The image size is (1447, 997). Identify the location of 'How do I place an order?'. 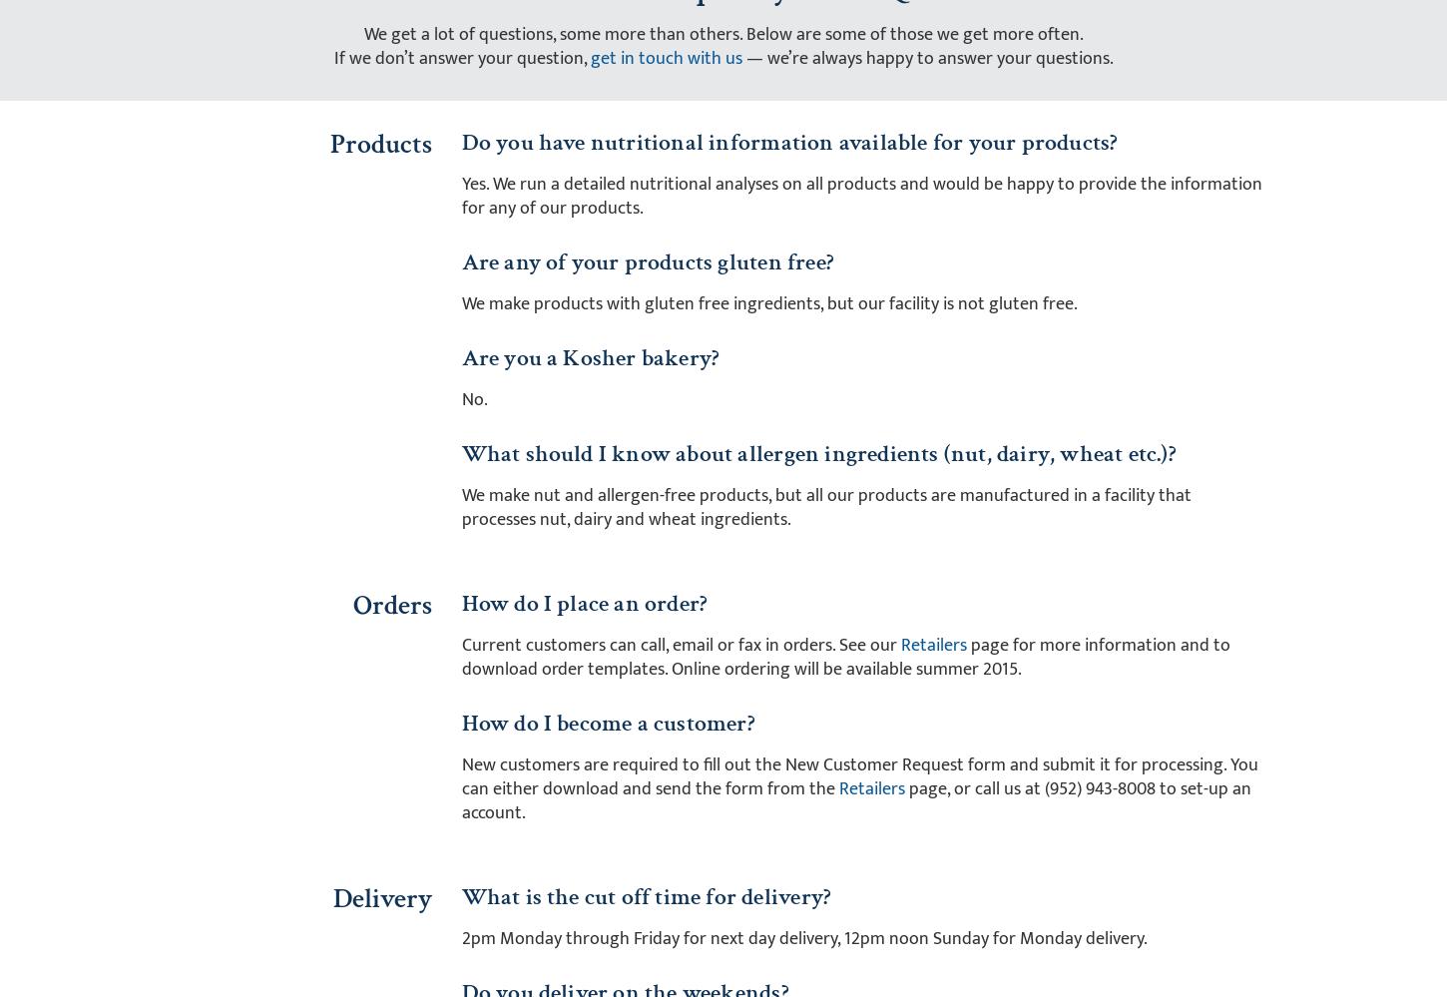
(584, 602).